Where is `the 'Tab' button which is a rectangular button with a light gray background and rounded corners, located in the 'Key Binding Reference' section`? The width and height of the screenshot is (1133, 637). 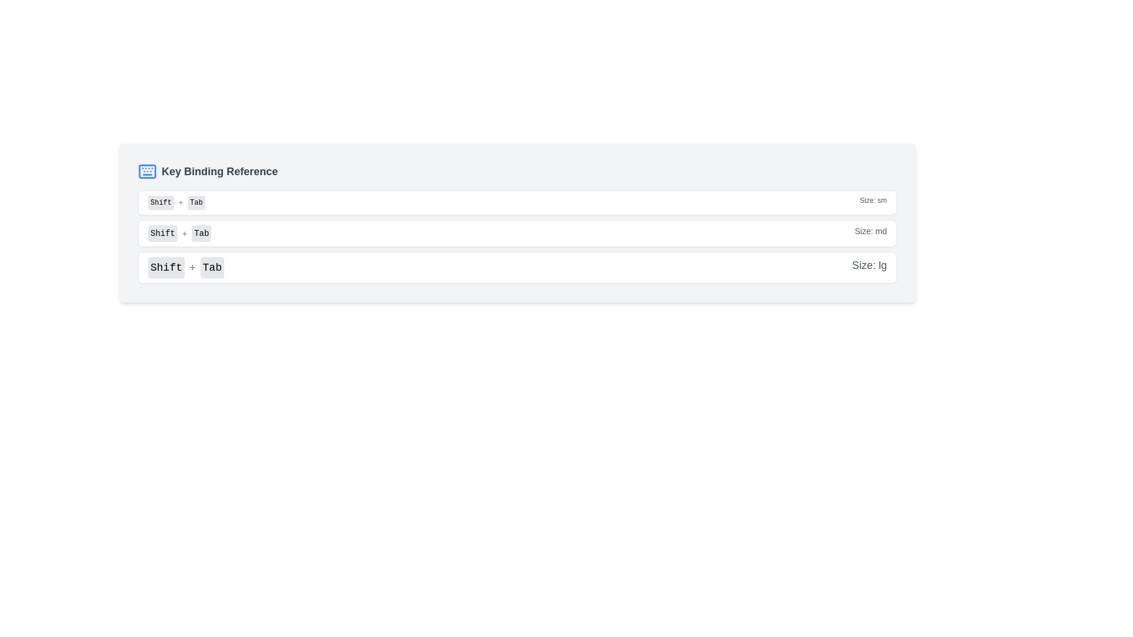 the 'Tab' button which is a rectangular button with a light gray background and rounded corners, located in the 'Key Binding Reference' section is located at coordinates (201, 234).